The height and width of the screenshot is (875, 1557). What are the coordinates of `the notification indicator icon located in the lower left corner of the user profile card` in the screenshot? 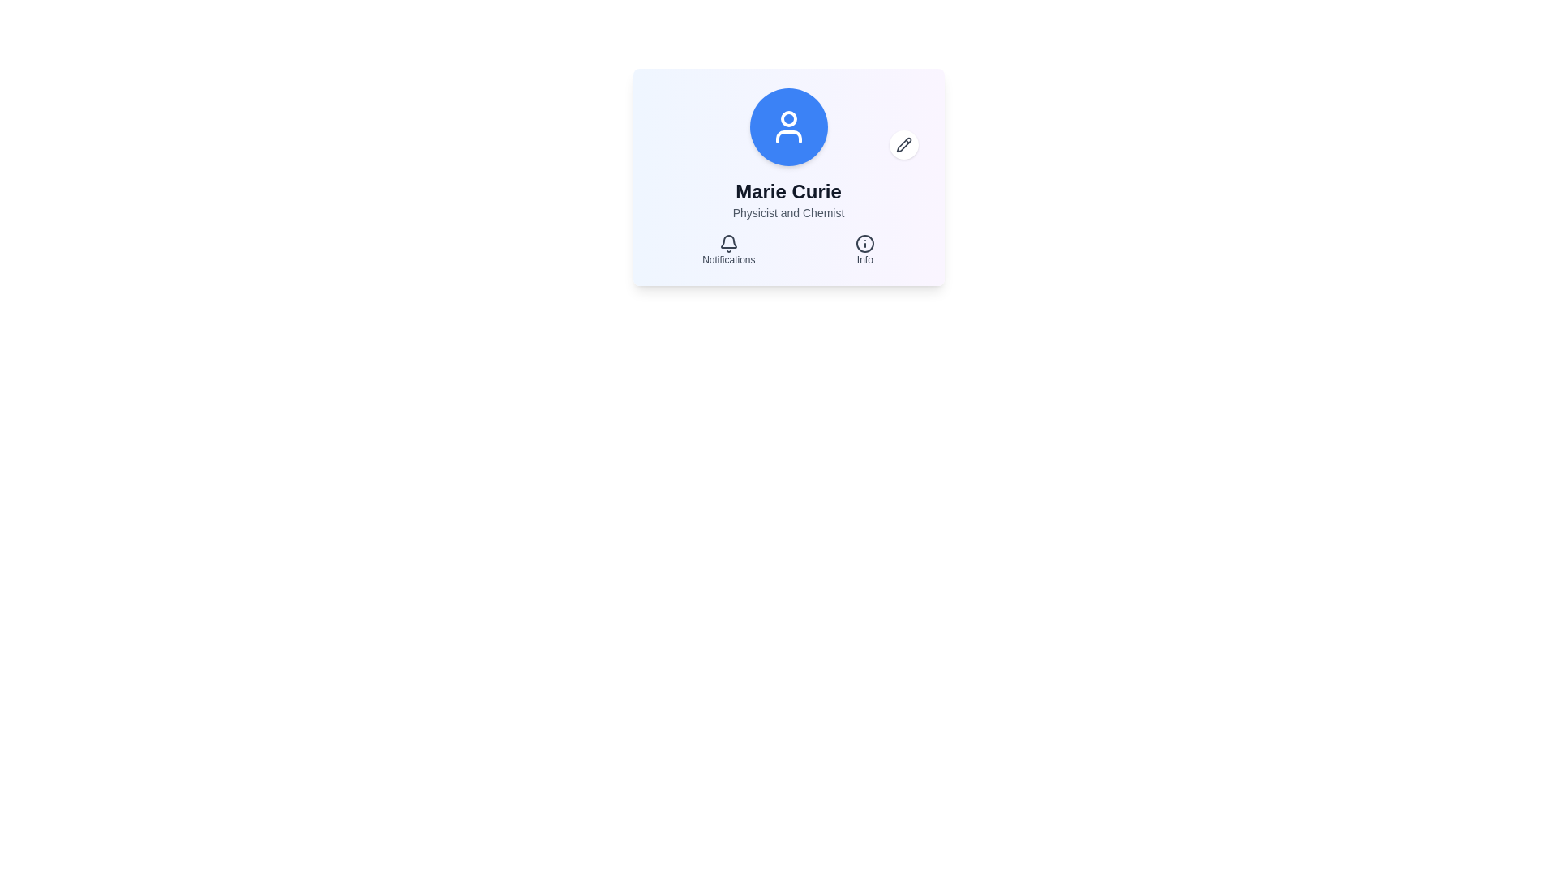 It's located at (727, 243).